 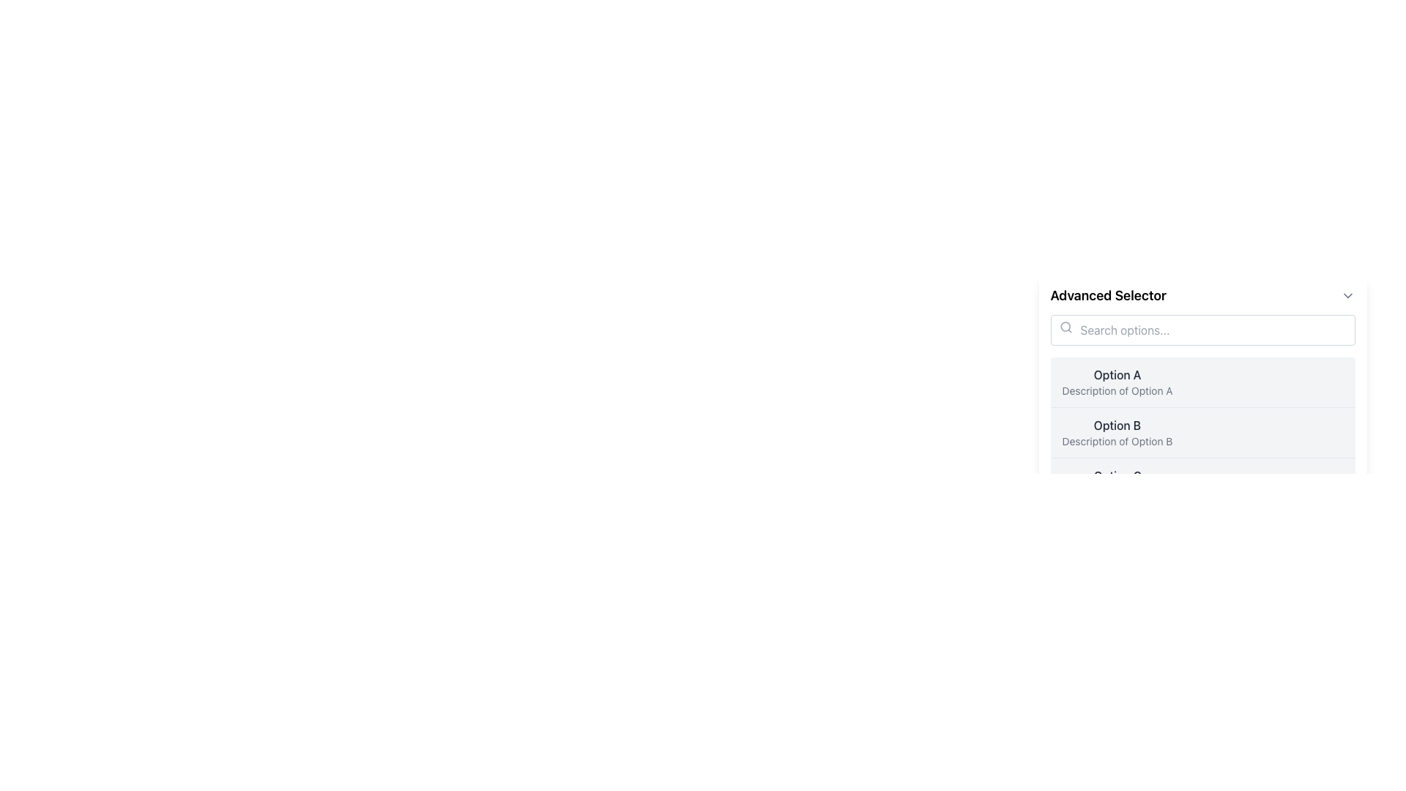 I want to click on the first selectable list item displaying 'Option A', so click(x=1117, y=381).